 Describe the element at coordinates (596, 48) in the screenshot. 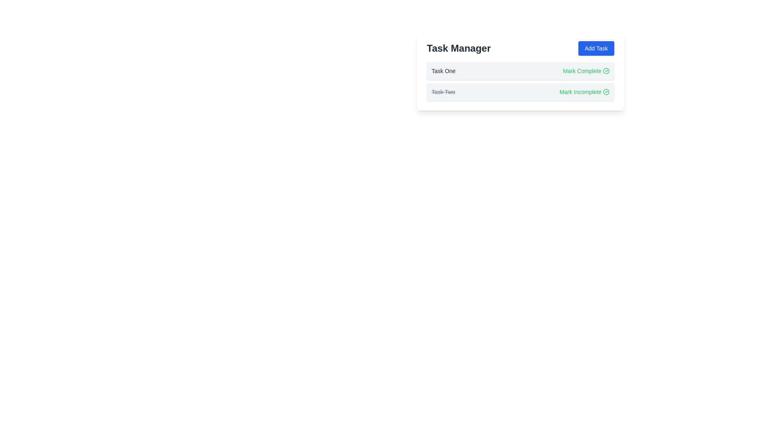

I see `the 'Add Task' button with a blue background and white text` at that location.